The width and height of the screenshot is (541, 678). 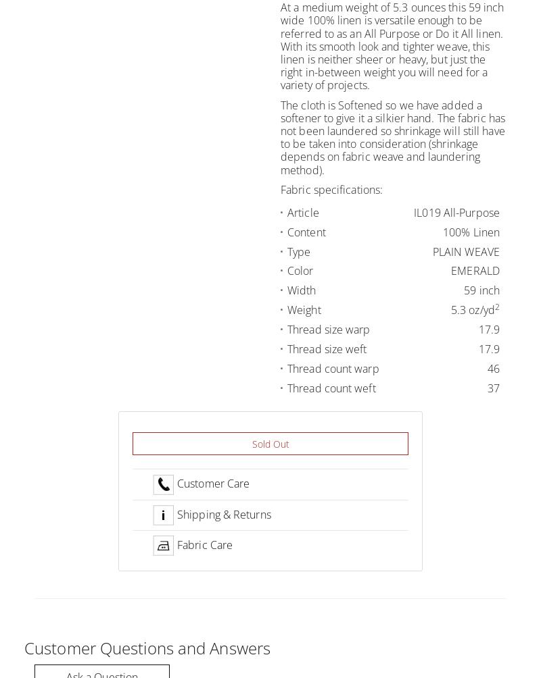 I want to click on 'Color', so click(x=300, y=269).